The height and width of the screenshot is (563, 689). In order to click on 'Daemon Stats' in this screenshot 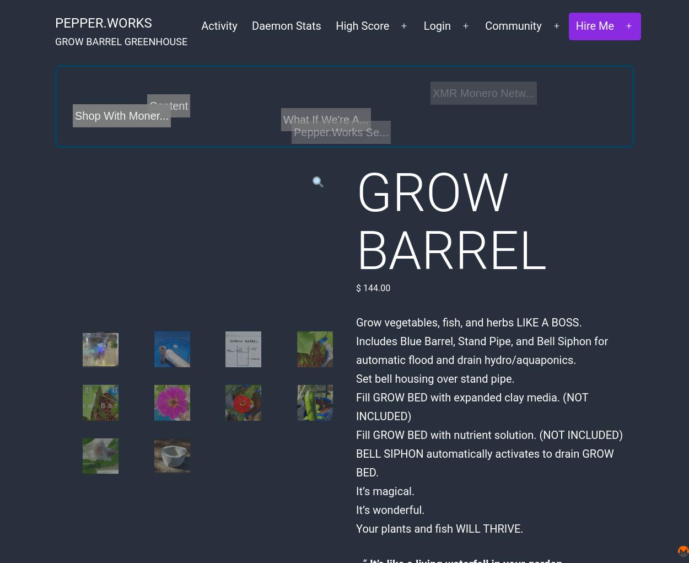, I will do `click(286, 25)`.